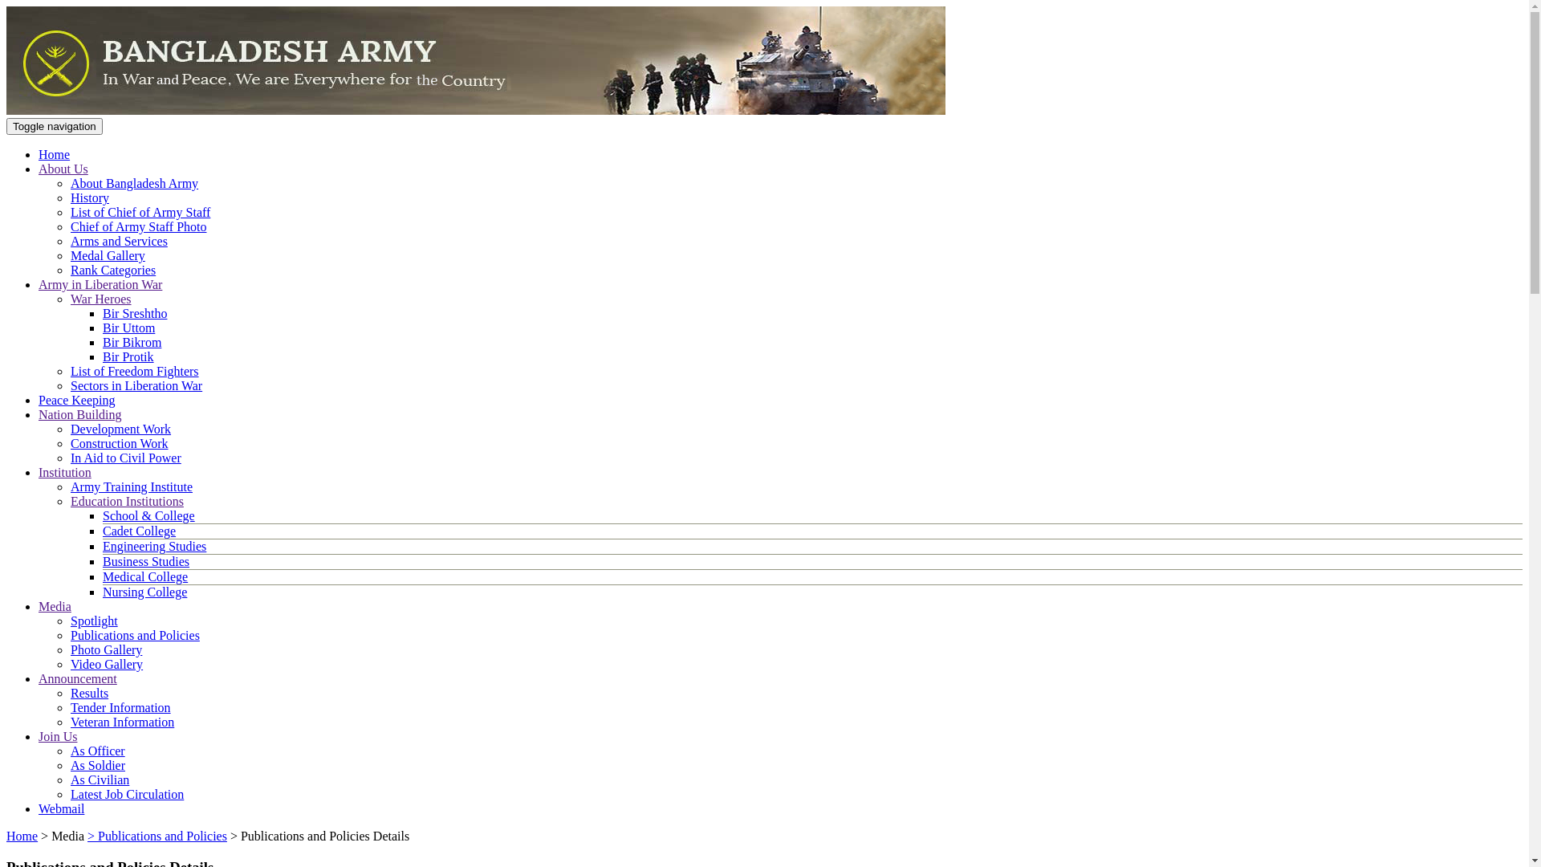 The image size is (1541, 867). What do you see at coordinates (135, 371) in the screenshot?
I see `'List of Freedom Fighters'` at bounding box center [135, 371].